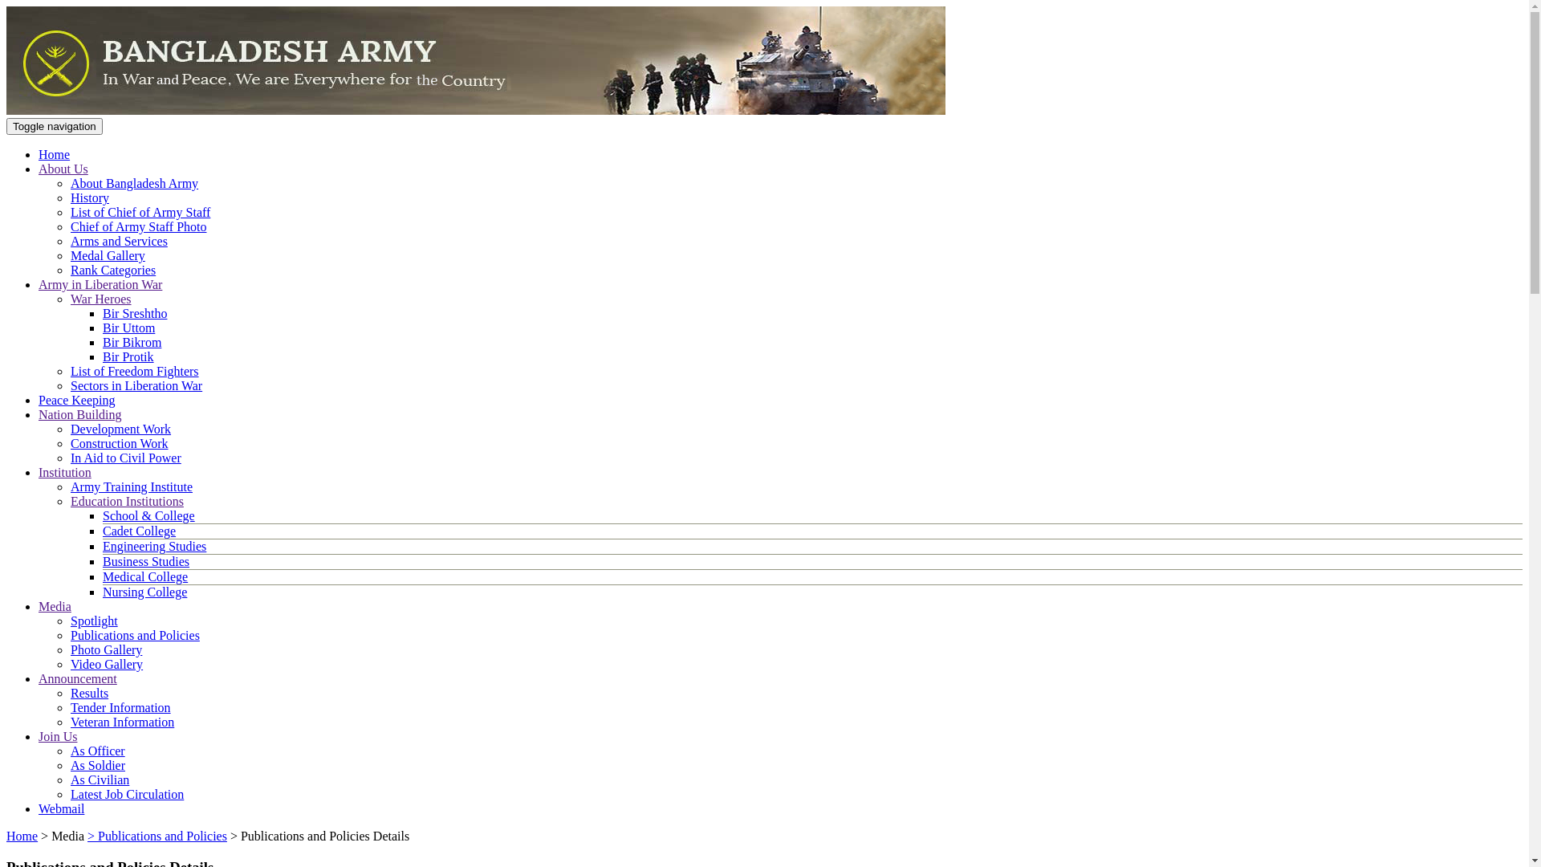 The image size is (1541, 867). What do you see at coordinates (135, 371) in the screenshot?
I see `'List of Freedom Fighters'` at bounding box center [135, 371].